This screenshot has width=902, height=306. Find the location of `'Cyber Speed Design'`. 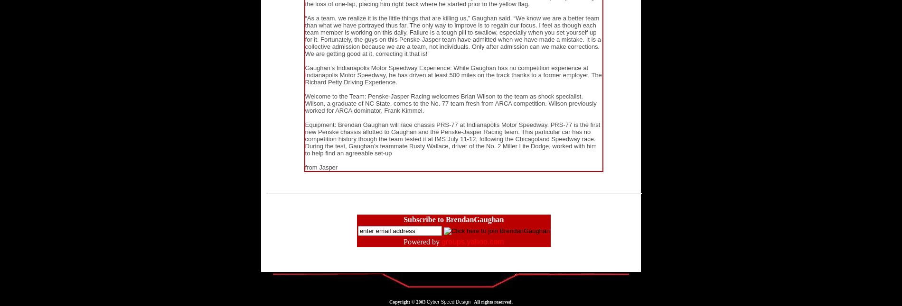

'Cyber Speed Design' is located at coordinates (448, 302).